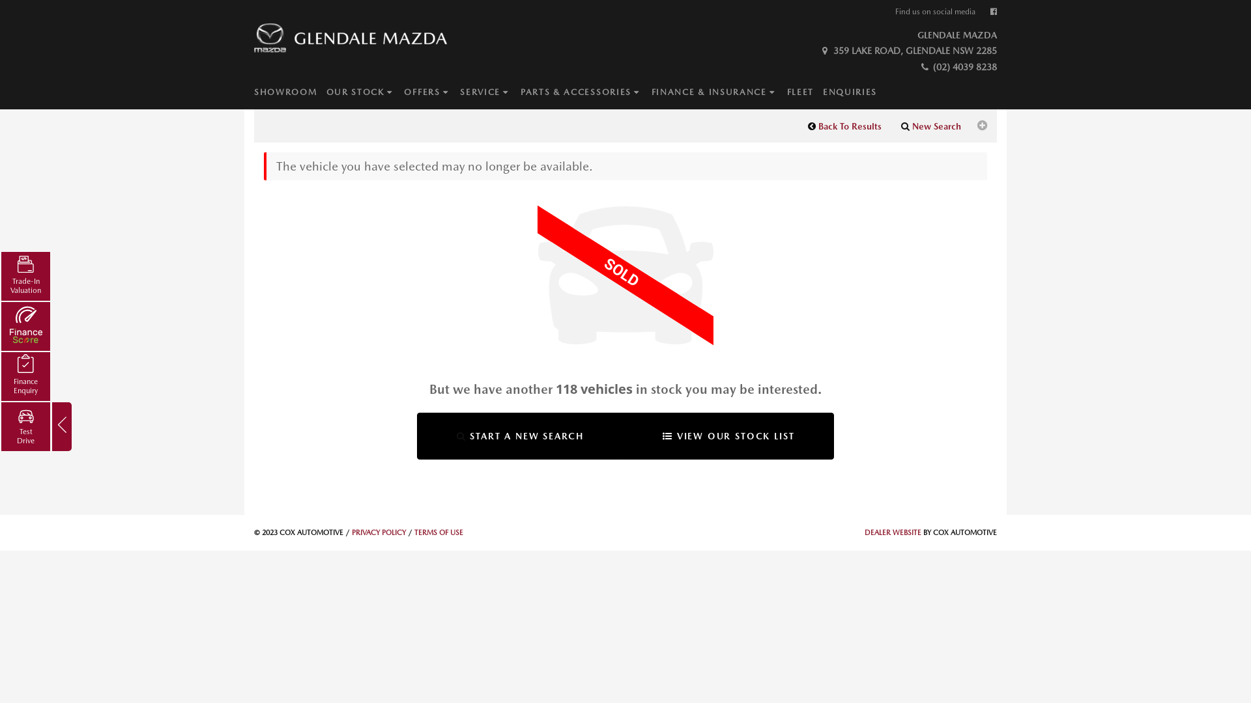 The image size is (1251, 703). What do you see at coordinates (351, 532) in the screenshot?
I see `'PRIVACY POLICY'` at bounding box center [351, 532].